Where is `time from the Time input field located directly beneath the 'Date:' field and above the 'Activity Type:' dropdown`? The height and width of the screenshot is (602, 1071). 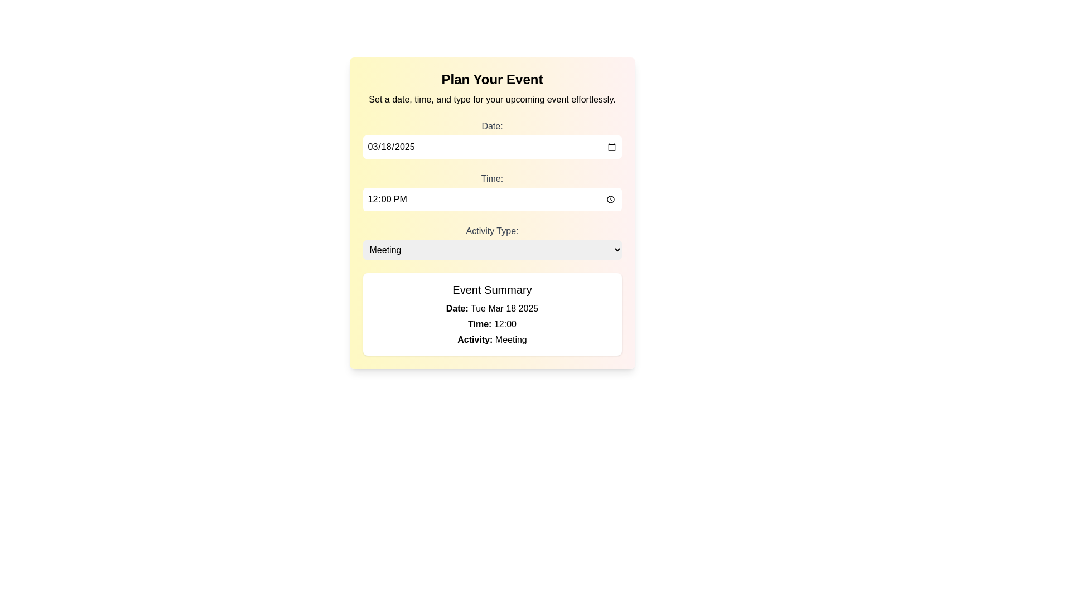 time from the Time input field located directly beneath the 'Date:' field and above the 'Activity Type:' dropdown is located at coordinates (491, 191).